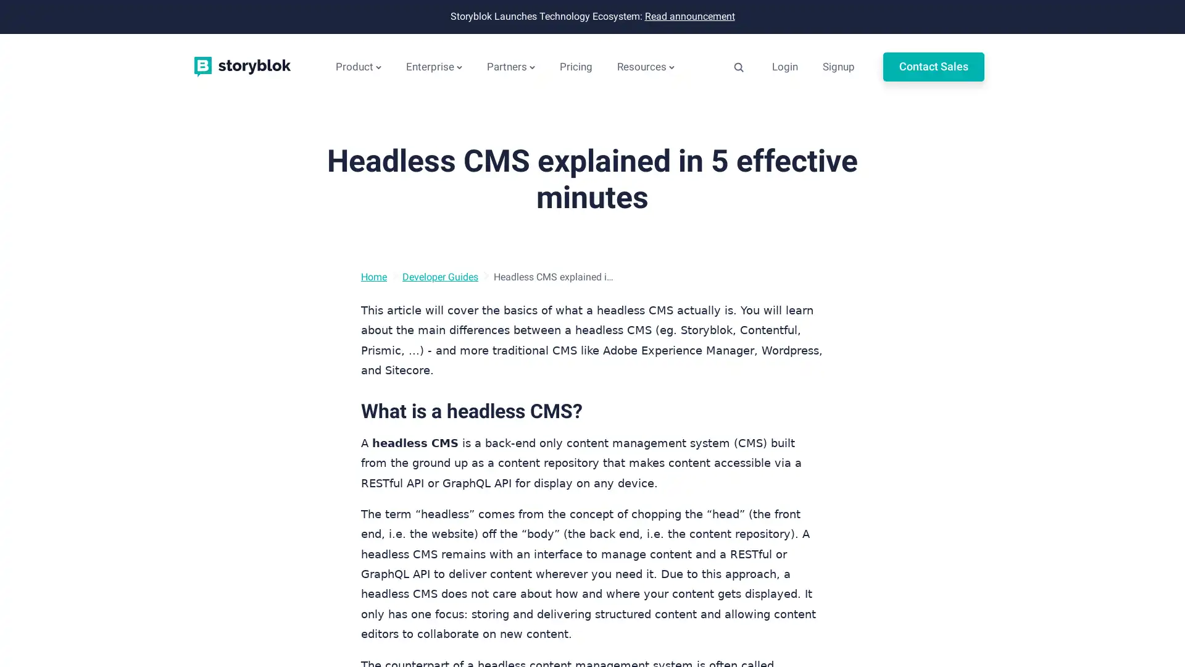 The height and width of the screenshot is (667, 1185). Describe the element at coordinates (511, 67) in the screenshot. I see `Partners` at that location.